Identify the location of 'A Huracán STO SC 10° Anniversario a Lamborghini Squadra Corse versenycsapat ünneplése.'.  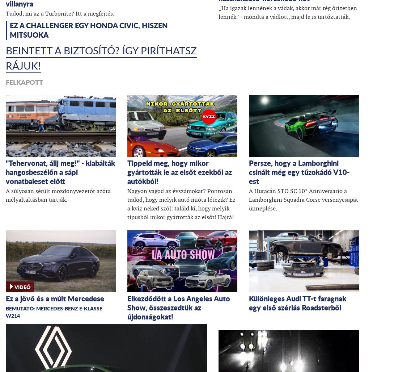
(249, 199).